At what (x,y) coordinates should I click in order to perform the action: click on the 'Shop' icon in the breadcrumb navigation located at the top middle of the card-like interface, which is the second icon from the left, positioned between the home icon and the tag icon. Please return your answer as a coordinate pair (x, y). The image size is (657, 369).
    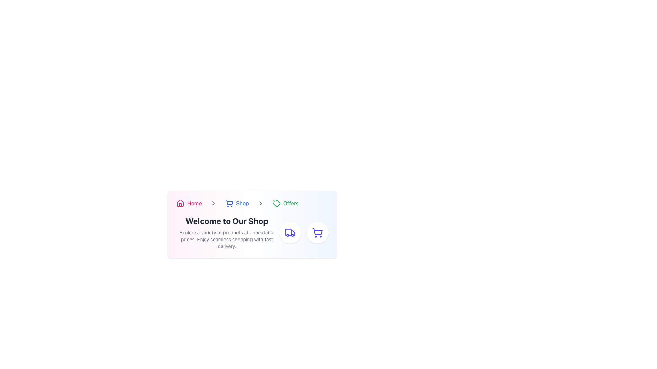
    Looking at the image, I should click on (229, 202).